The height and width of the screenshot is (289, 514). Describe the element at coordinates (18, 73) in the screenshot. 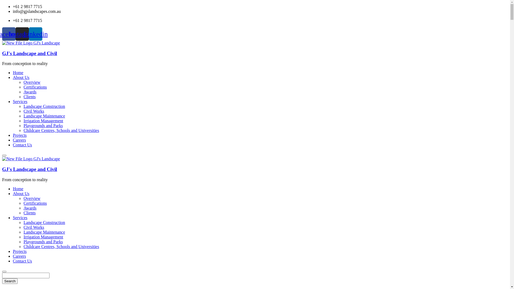

I see `'Home'` at that location.